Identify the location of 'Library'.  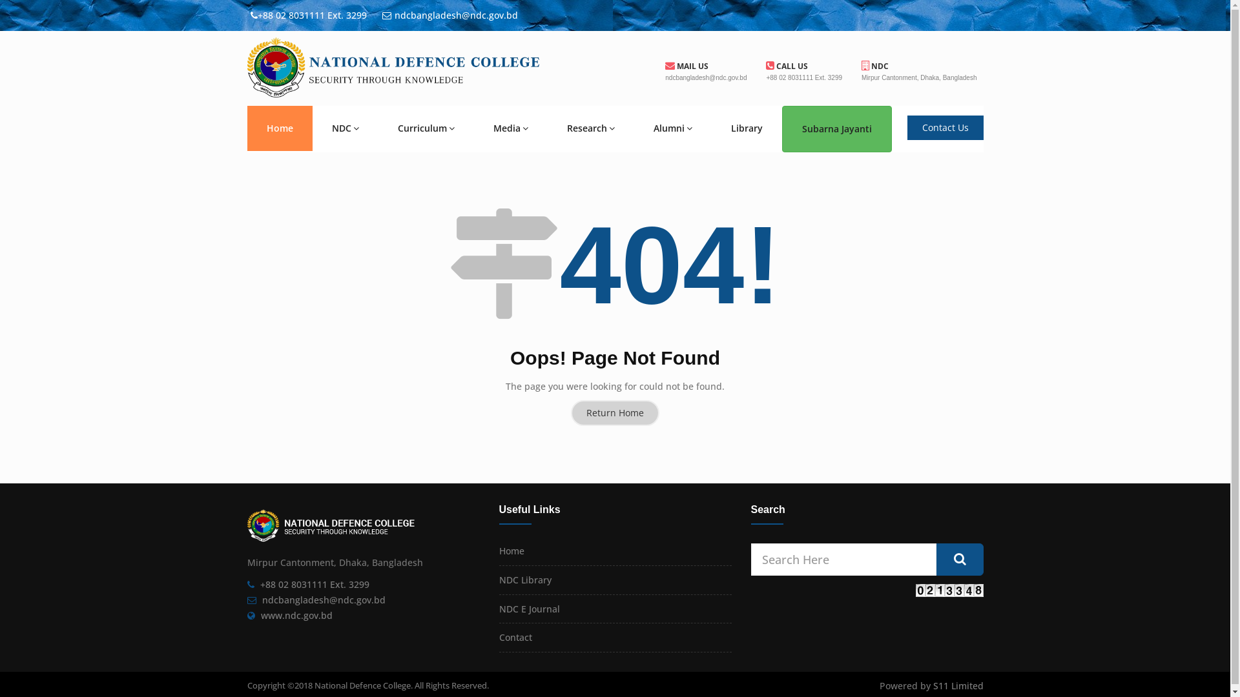
(747, 128).